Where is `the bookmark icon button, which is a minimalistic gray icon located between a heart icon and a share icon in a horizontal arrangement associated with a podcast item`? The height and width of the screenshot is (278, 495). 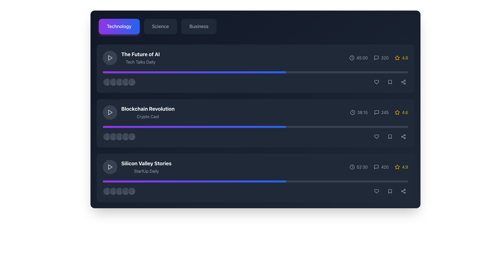
the bookmark icon button, which is a minimalistic gray icon located between a heart icon and a share icon in a horizontal arrangement associated with a podcast item is located at coordinates (390, 82).